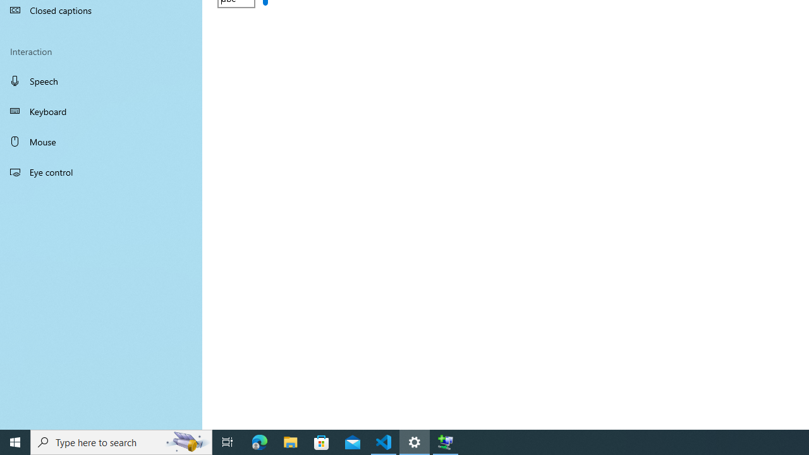  What do you see at coordinates (446, 441) in the screenshot?
I see `'Extensible Wizards Host Process - 1 running window'` at bounding box center [446, 441].